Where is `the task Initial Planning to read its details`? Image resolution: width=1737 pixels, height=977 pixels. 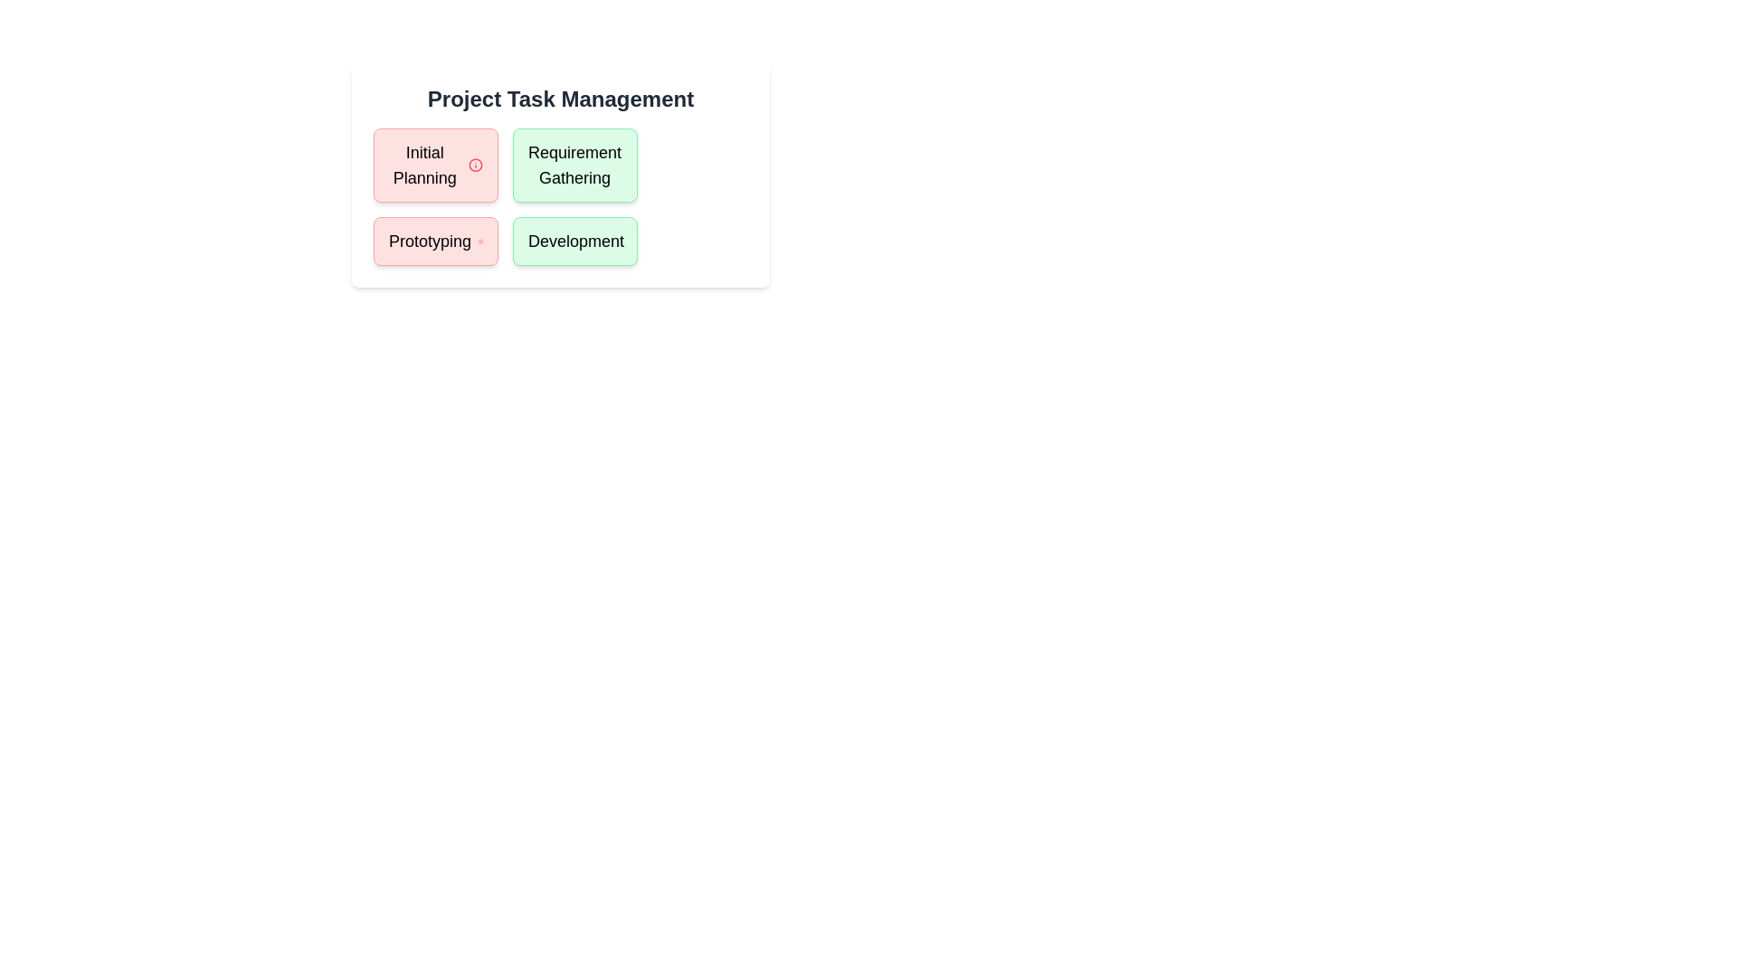 the task Initial Planning to read its details is located at coordinates (435, 165).